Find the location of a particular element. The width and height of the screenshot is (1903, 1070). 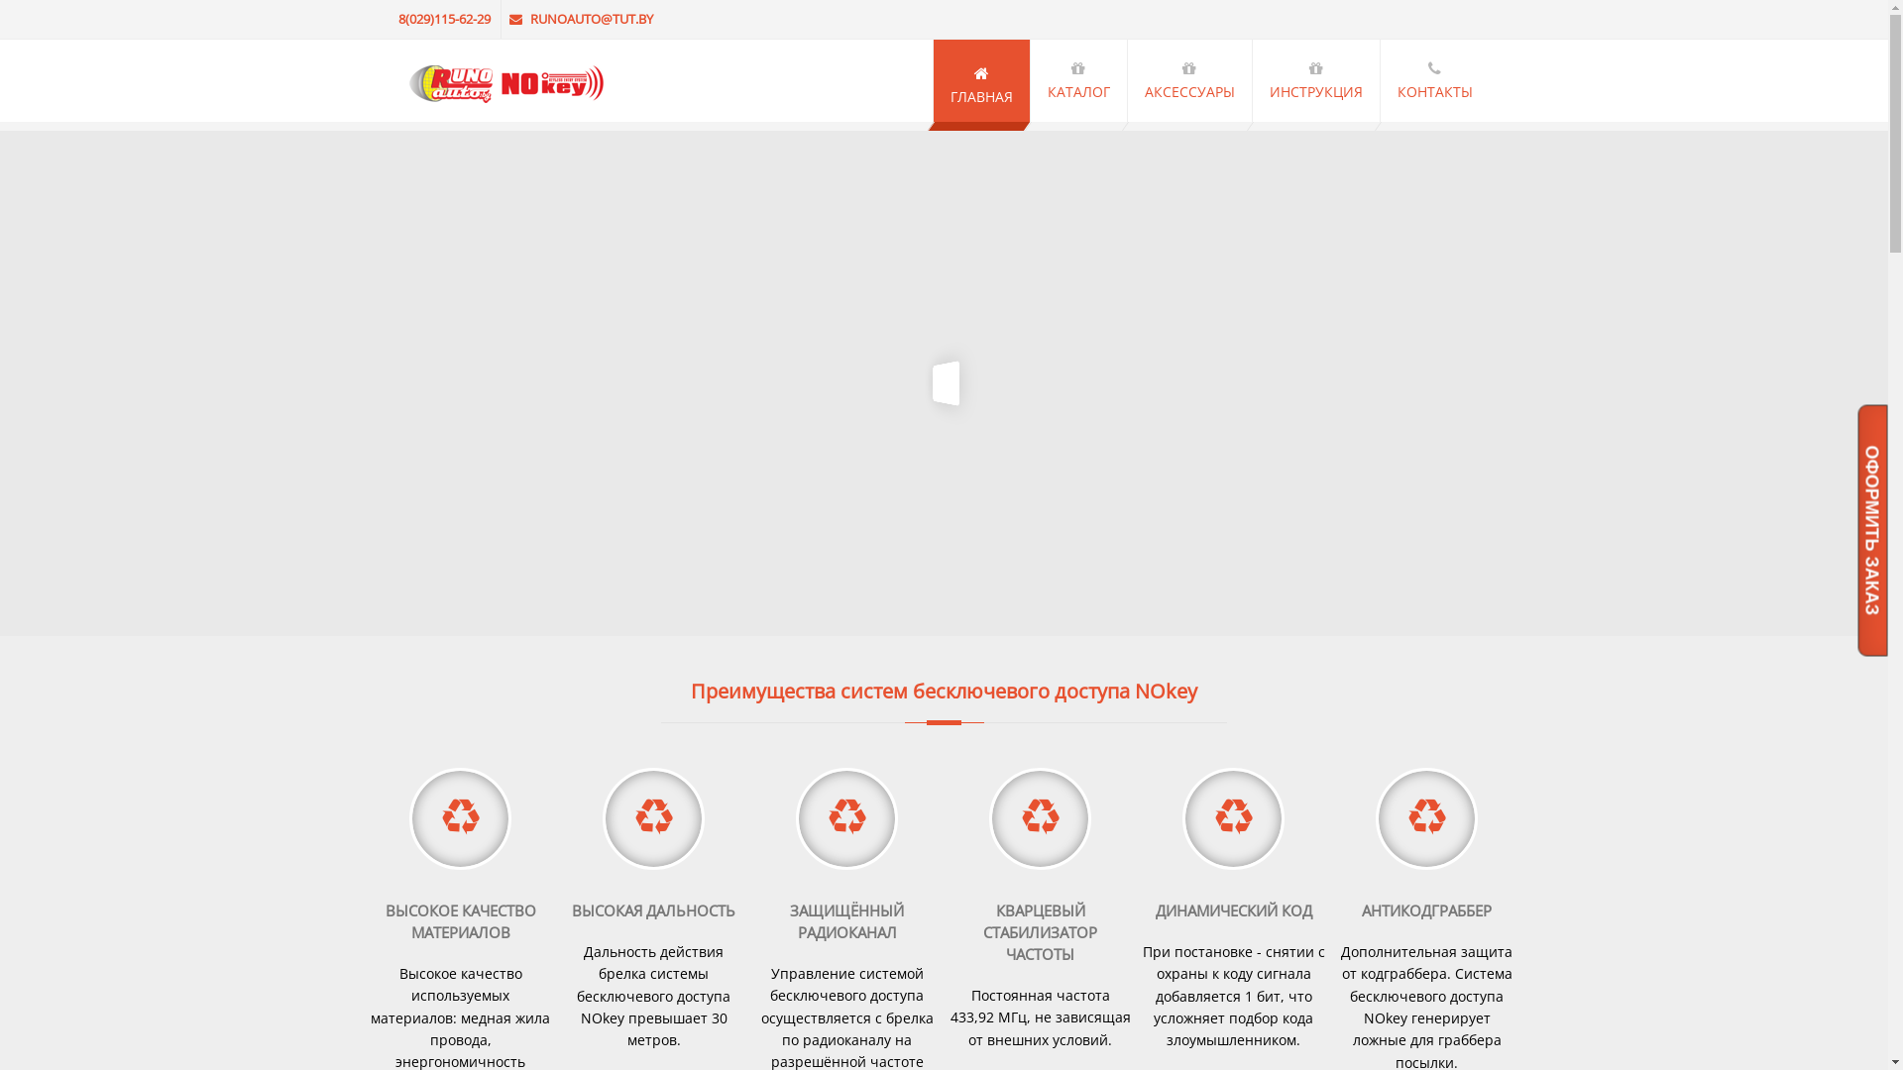

'RUNOAUTO@TUT.BY' is located at coordinates (581, 19).